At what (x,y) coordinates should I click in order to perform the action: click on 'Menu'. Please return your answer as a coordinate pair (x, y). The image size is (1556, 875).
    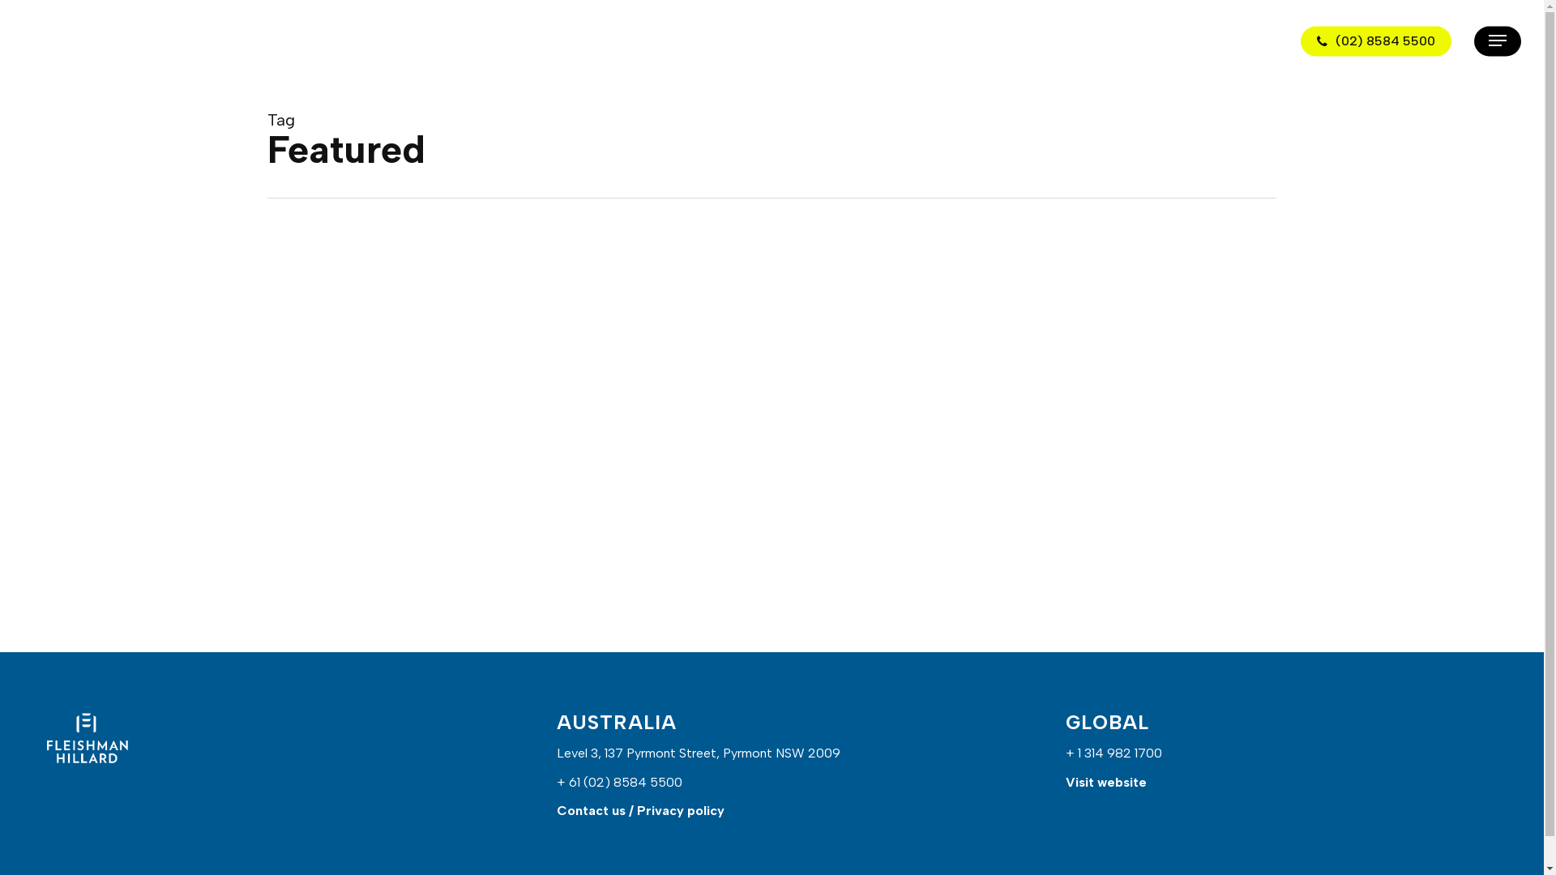
    Looking at the image, I should click on (1497, 40).